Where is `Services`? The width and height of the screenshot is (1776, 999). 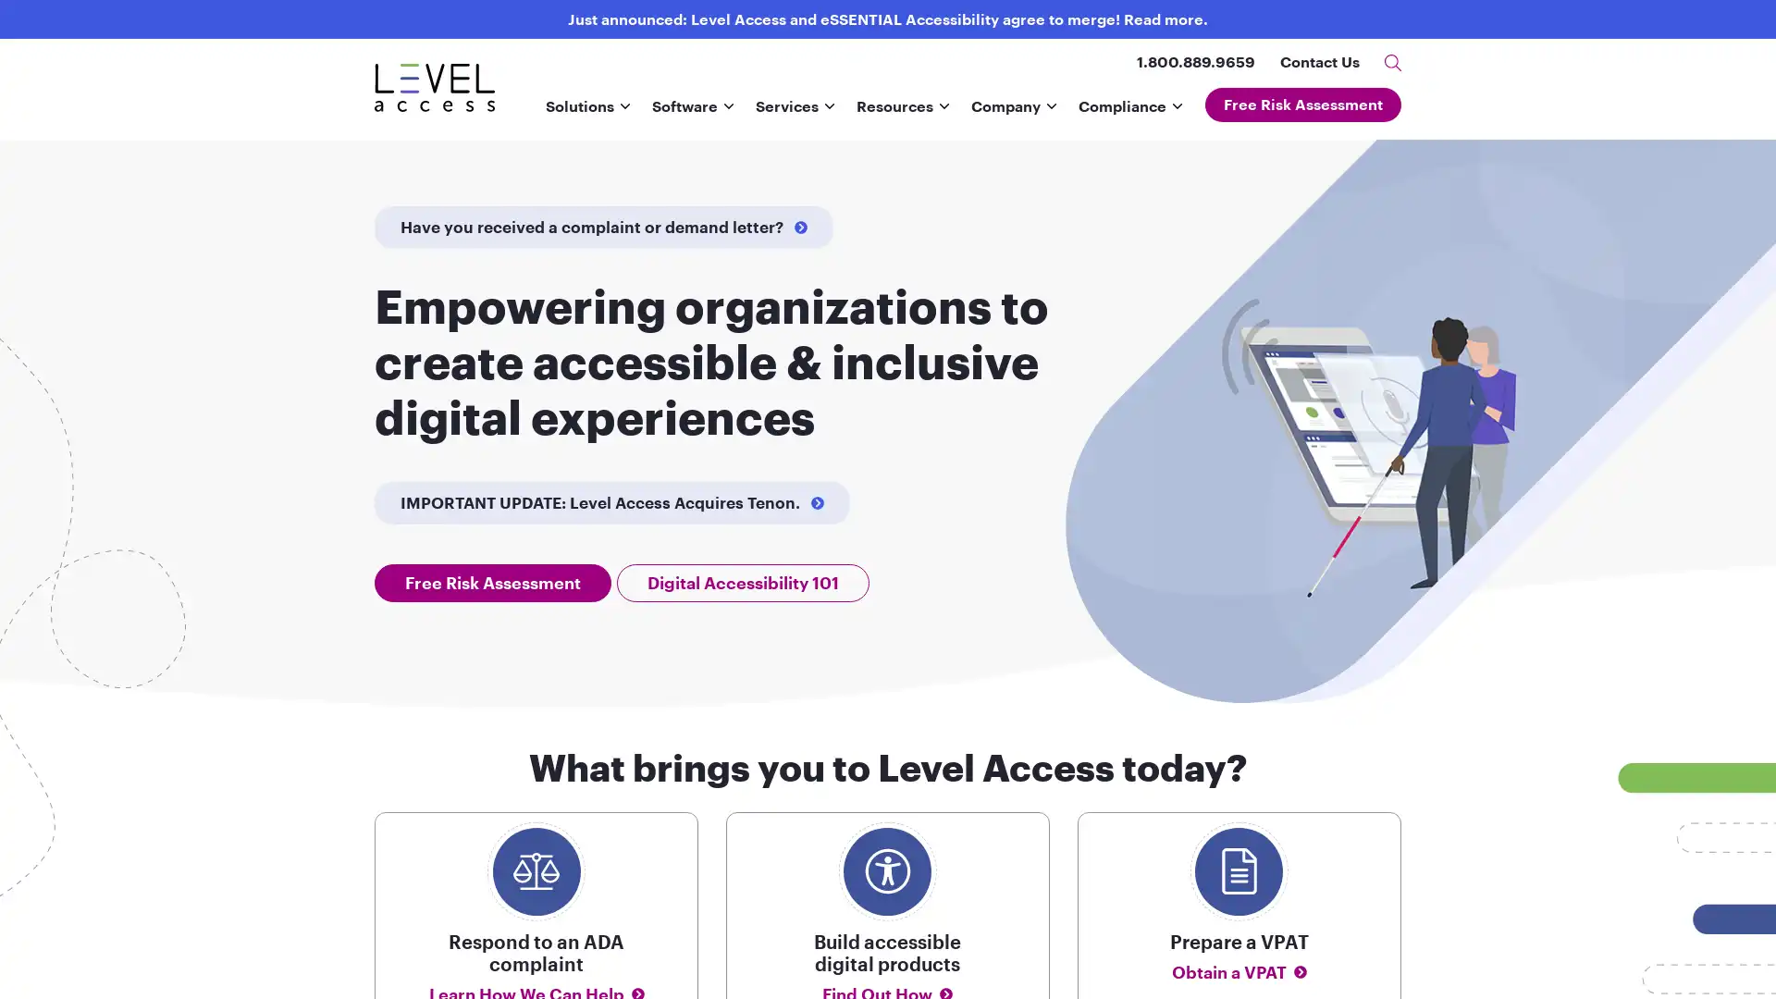
Services is located at coordinates (795, 113).